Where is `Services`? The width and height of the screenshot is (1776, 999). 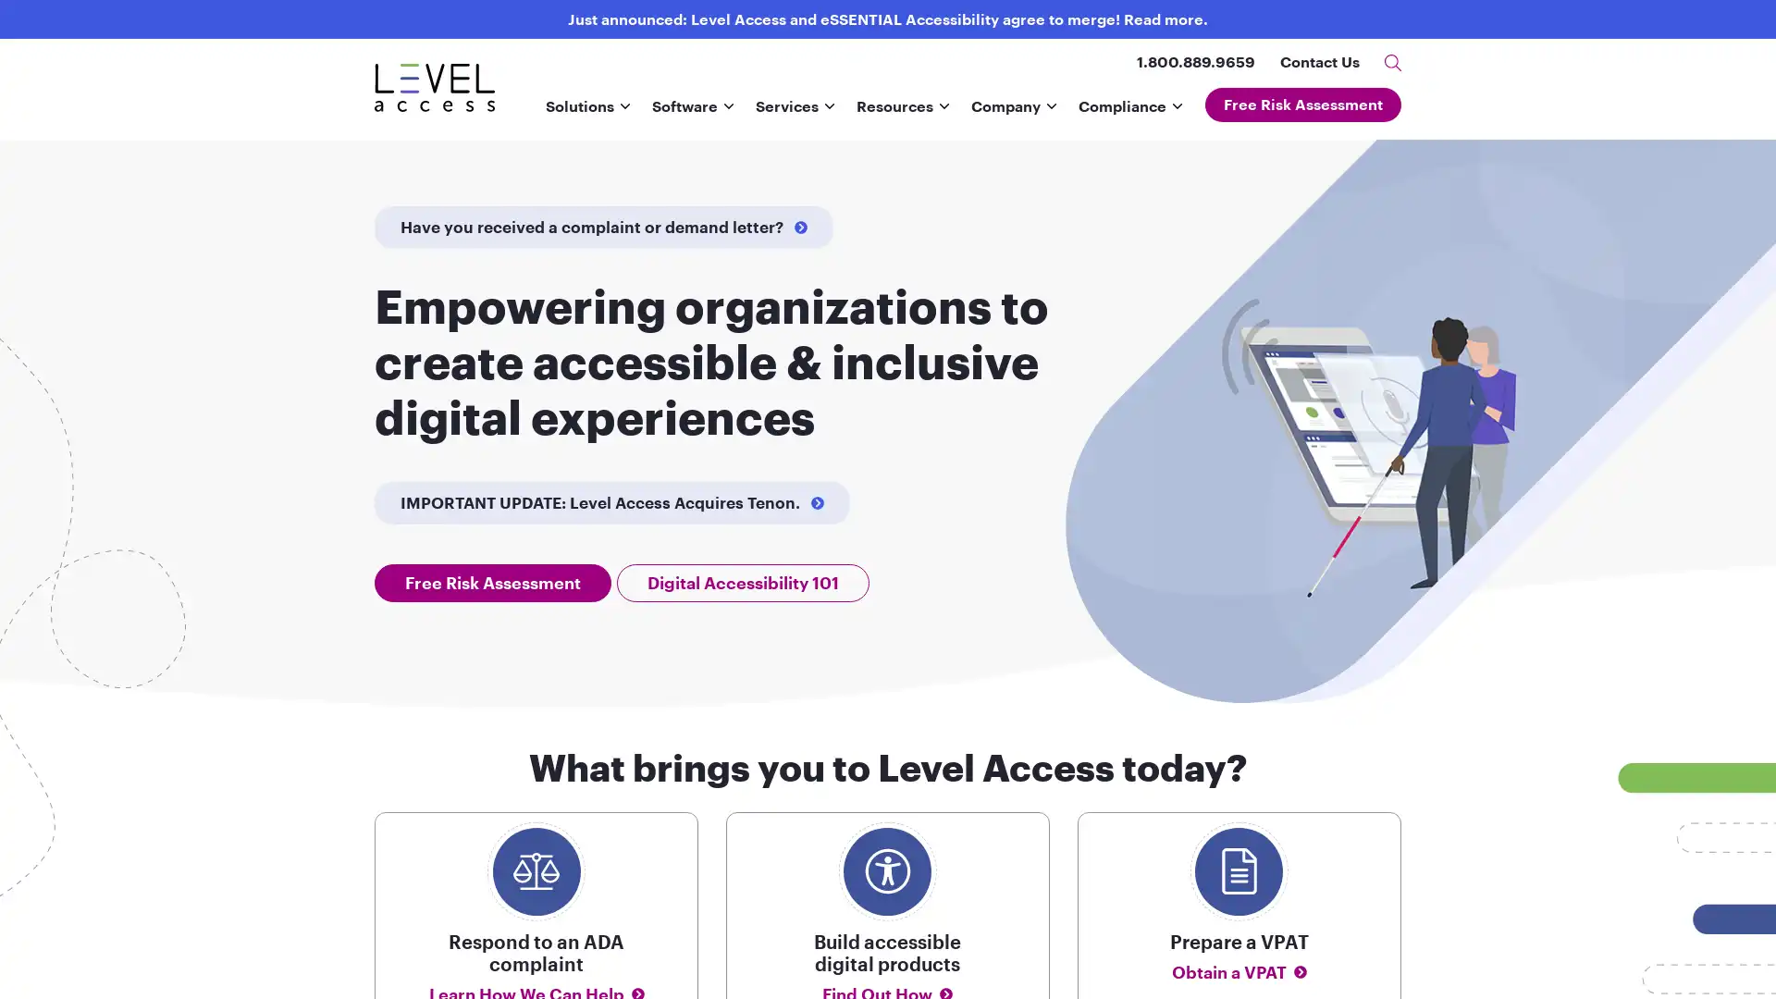
Services is located at coordinates (795, 113).